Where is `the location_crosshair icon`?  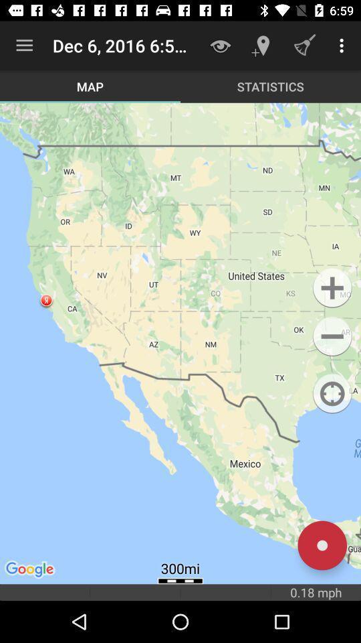
the location_crosshair icon is located at coordinates (332, 394).